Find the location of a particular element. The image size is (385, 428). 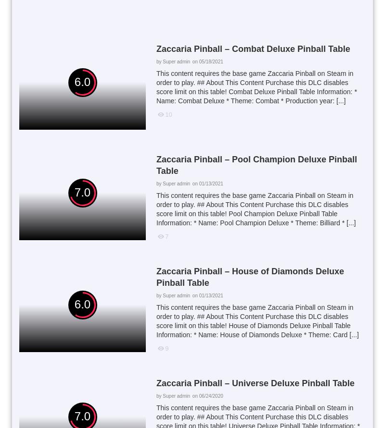

'This content requires the base game Zaccaria Pinball on Steam in order to play. ## About This Content Purchase this DLC disables score limit on this table! Pool Champion Deluxe Pinball Table Information: * Name: Pool Champion Deluxe * Theme: Billiard * [...]' is located at coordinates (155, 209).